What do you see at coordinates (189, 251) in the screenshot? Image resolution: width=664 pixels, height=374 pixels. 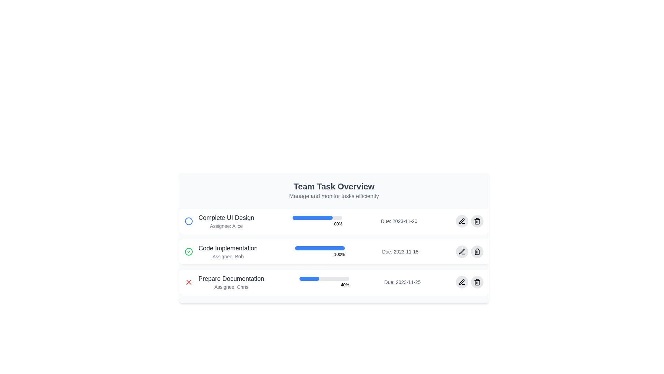 I see `the completion icon for the task 'Code Implementation', which is positioned before the task title and details in the middle row of the task list` at bounding box center [189, 251].